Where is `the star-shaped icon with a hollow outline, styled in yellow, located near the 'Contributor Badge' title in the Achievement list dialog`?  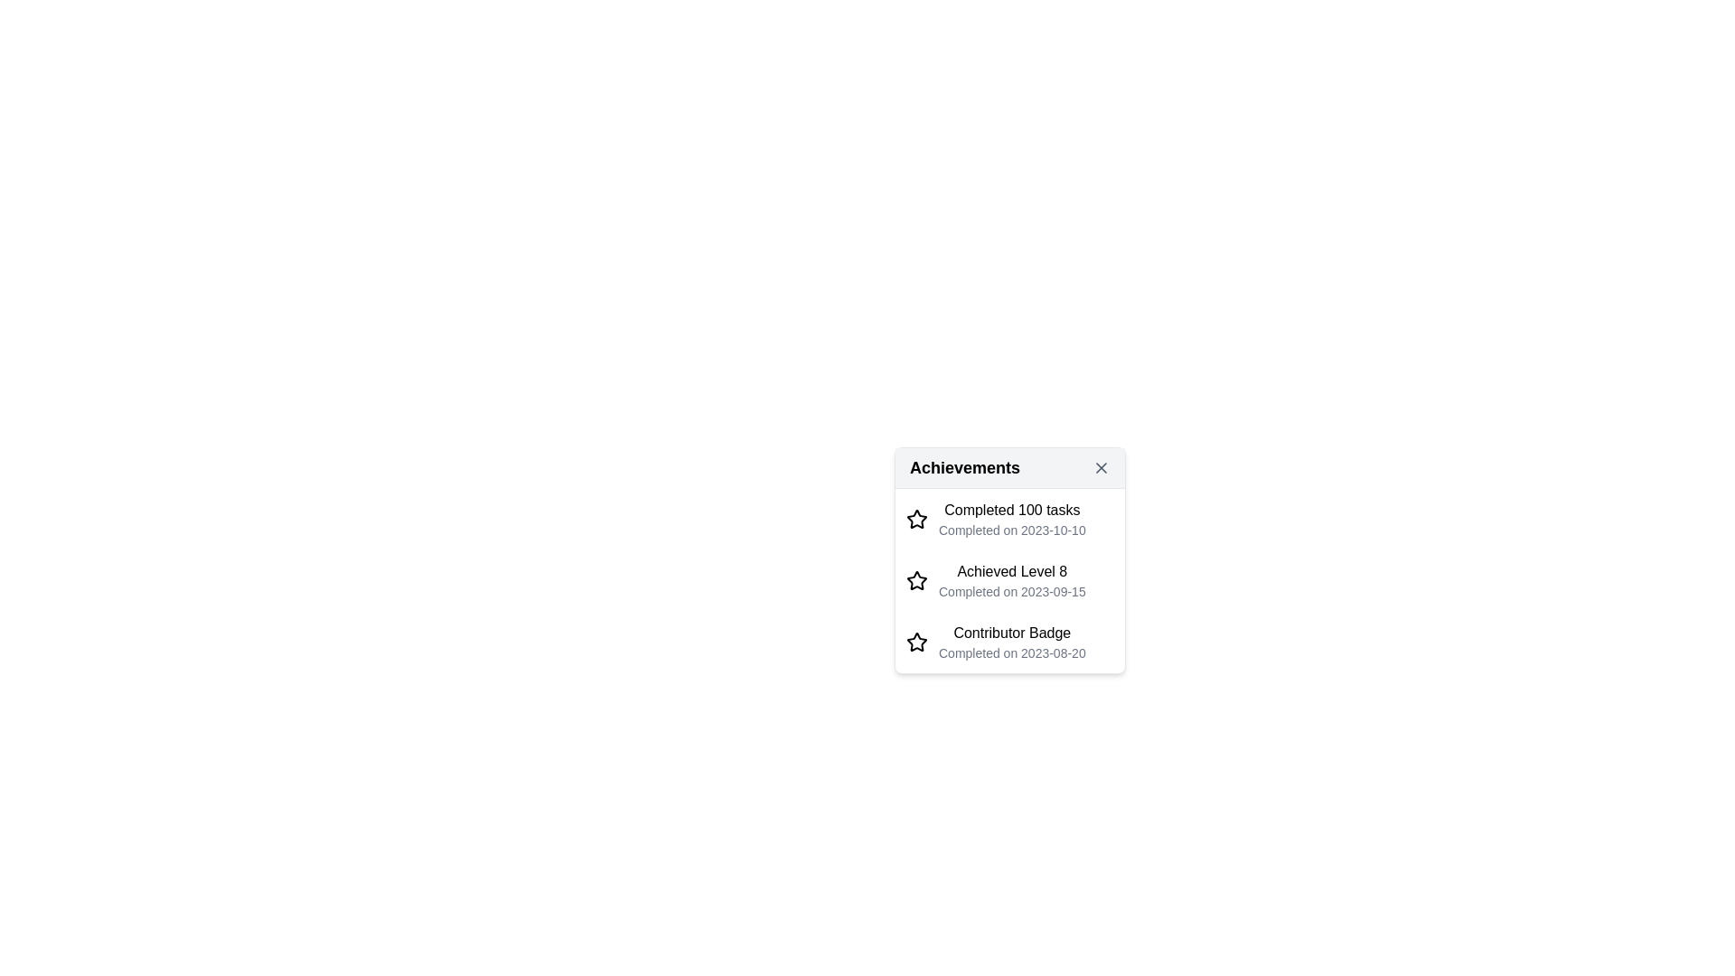
the star-shaped icon with a hollow outline, styled in yellow, located near the 'Contributor Badge' title in the Achievement list dialog is located at coordinates (916, 640).